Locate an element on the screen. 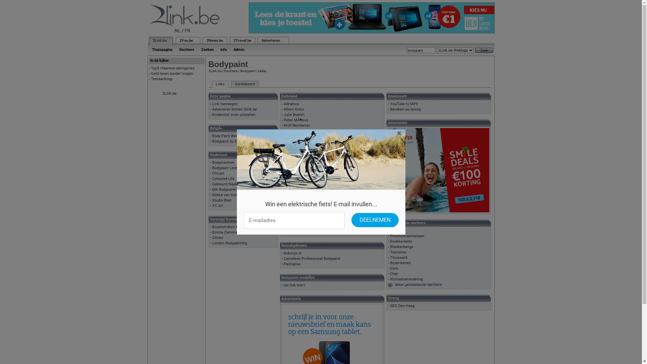  'YC Art' is located at coordinates (212, 205).